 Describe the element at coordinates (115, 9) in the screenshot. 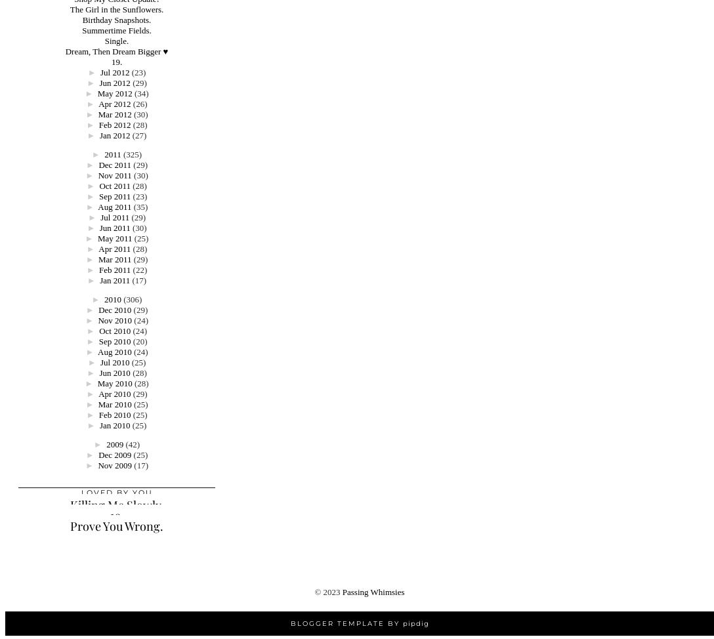

I see `'The Girl in the Sunflowers.'` at that location.